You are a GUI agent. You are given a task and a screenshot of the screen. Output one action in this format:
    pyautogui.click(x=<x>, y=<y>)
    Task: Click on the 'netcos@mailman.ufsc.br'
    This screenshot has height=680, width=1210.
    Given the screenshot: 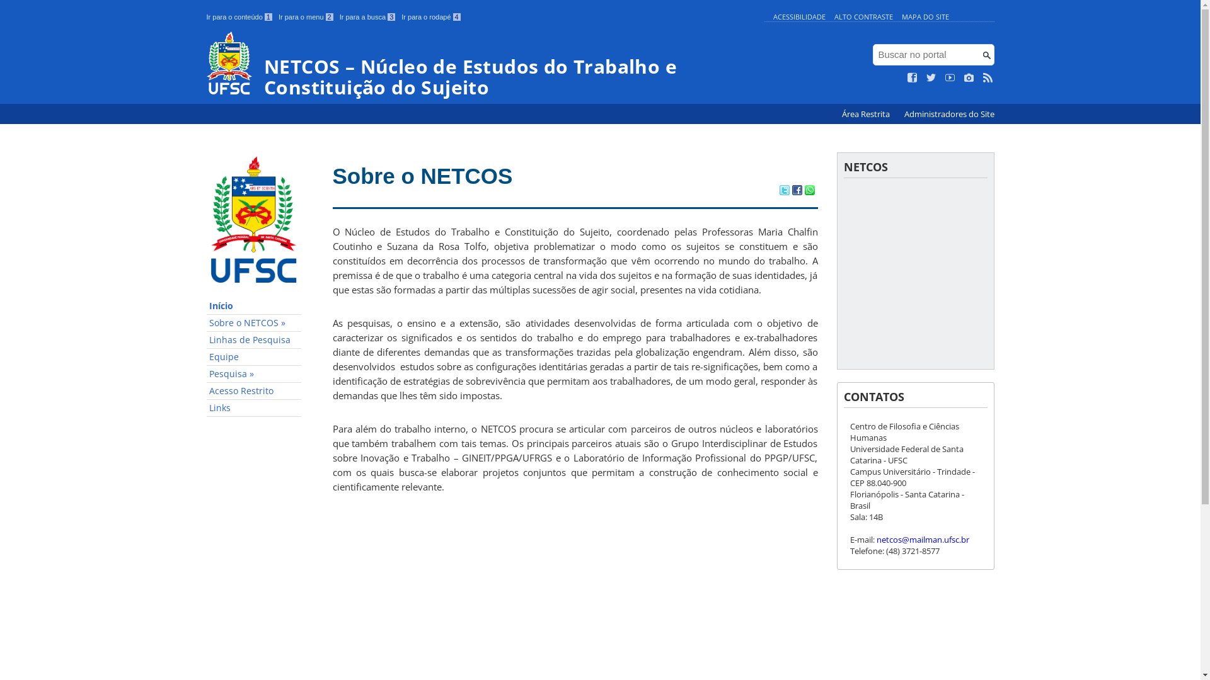 What is the action you would take?
    pyautogui.click(x=922, y=538)
    